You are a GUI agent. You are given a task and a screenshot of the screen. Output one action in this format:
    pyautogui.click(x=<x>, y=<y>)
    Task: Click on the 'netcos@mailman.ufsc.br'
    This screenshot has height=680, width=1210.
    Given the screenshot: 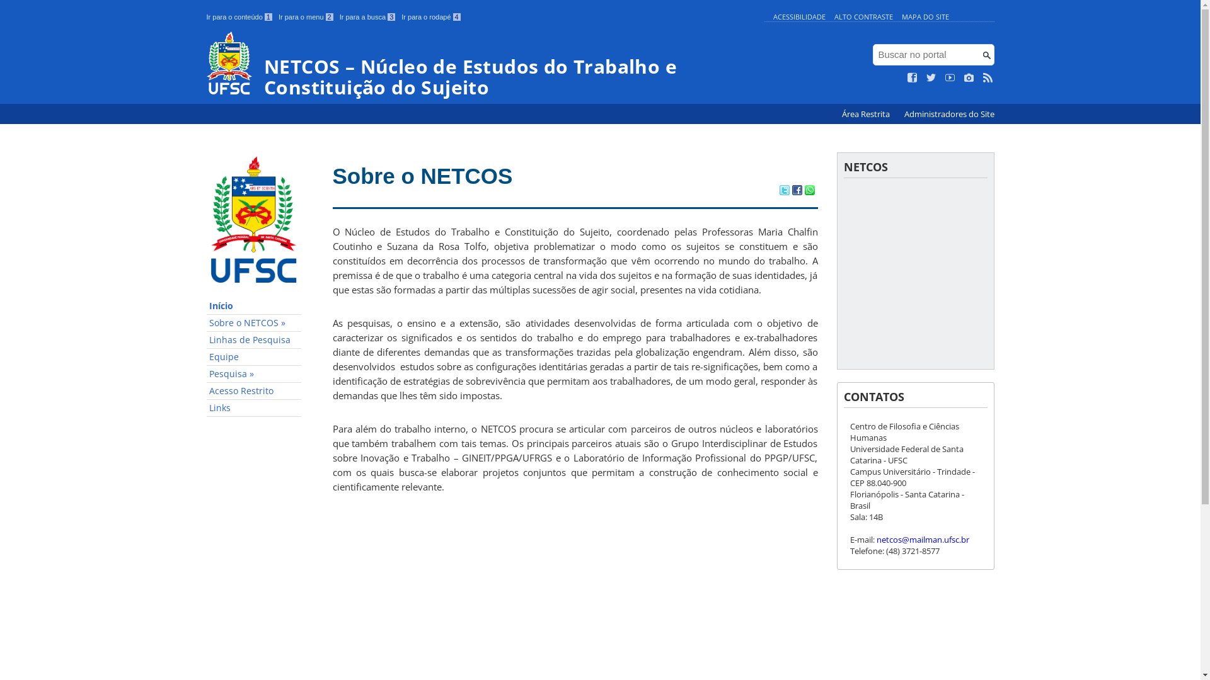 What is the action you would take?
    pyautogui.click(x=922, y=538)
    